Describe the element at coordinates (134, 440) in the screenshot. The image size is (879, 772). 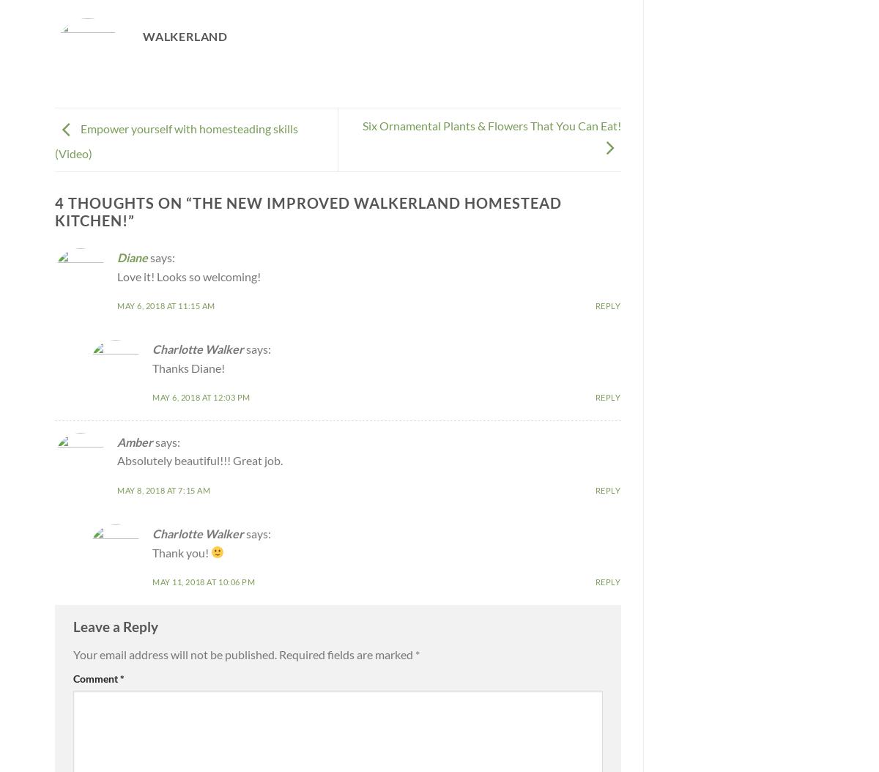
I see `'Amber'` at that location.